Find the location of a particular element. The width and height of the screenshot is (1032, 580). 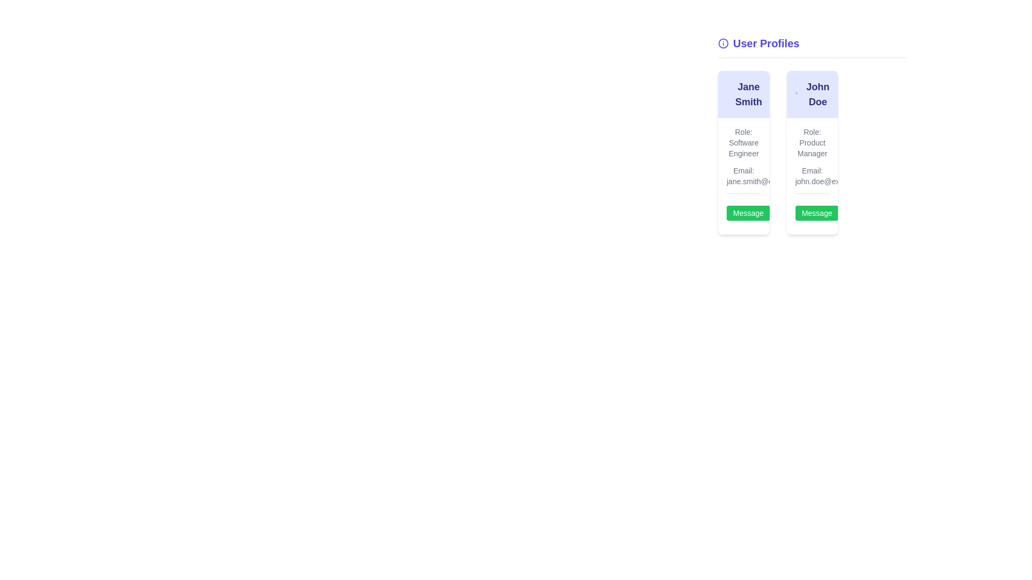

the text display that shows 'Email: john.doe@example.com', located under 'Role: Product Manager' in John Doe's profile card is located at coordinates (812, 175).